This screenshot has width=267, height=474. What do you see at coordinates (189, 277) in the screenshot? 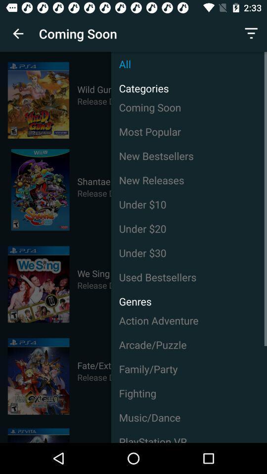
I see `the icon next to we sing icon` at bounding box center [189, 277].